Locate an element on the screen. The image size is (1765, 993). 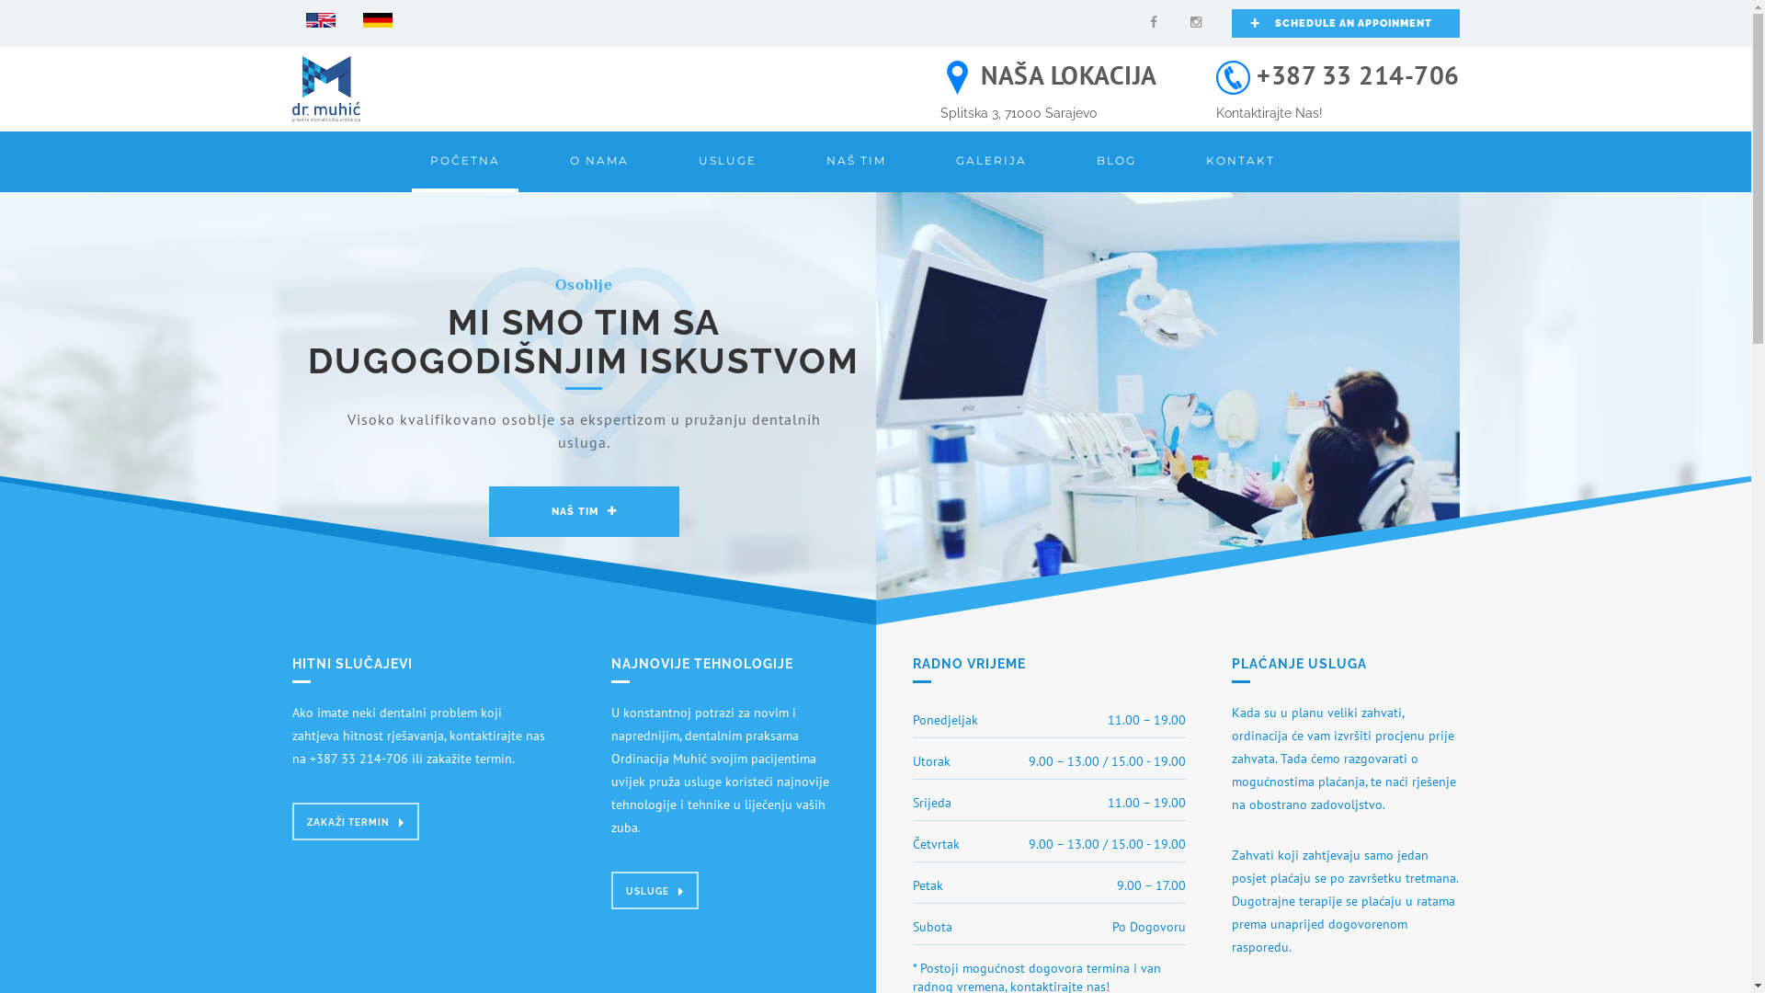
'KONTAKT' is located at coordinates (1240, 161).